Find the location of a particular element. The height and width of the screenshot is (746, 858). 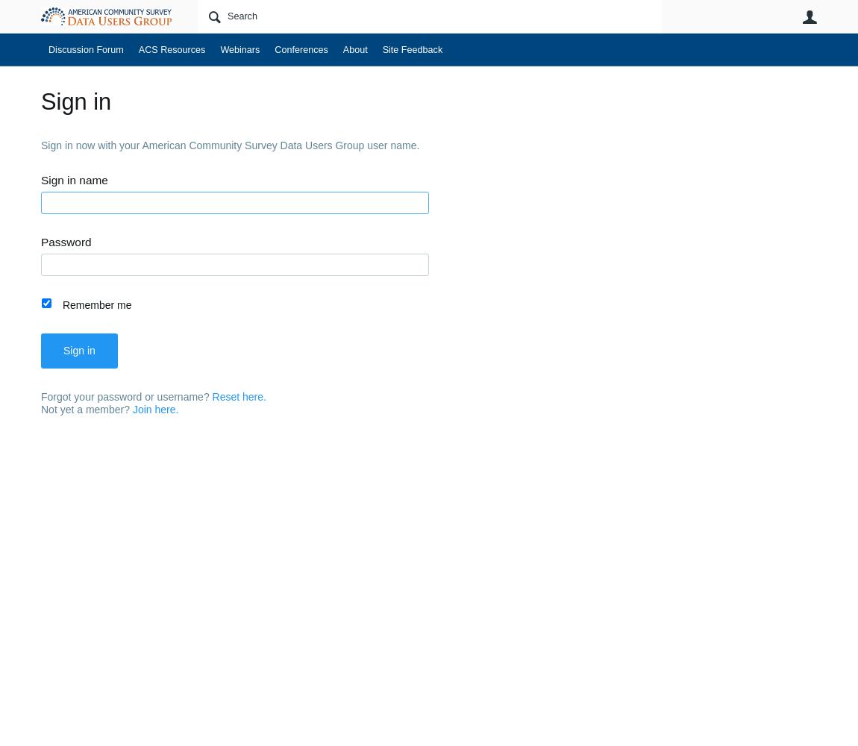

'About' is located at coordinates (354, 49).